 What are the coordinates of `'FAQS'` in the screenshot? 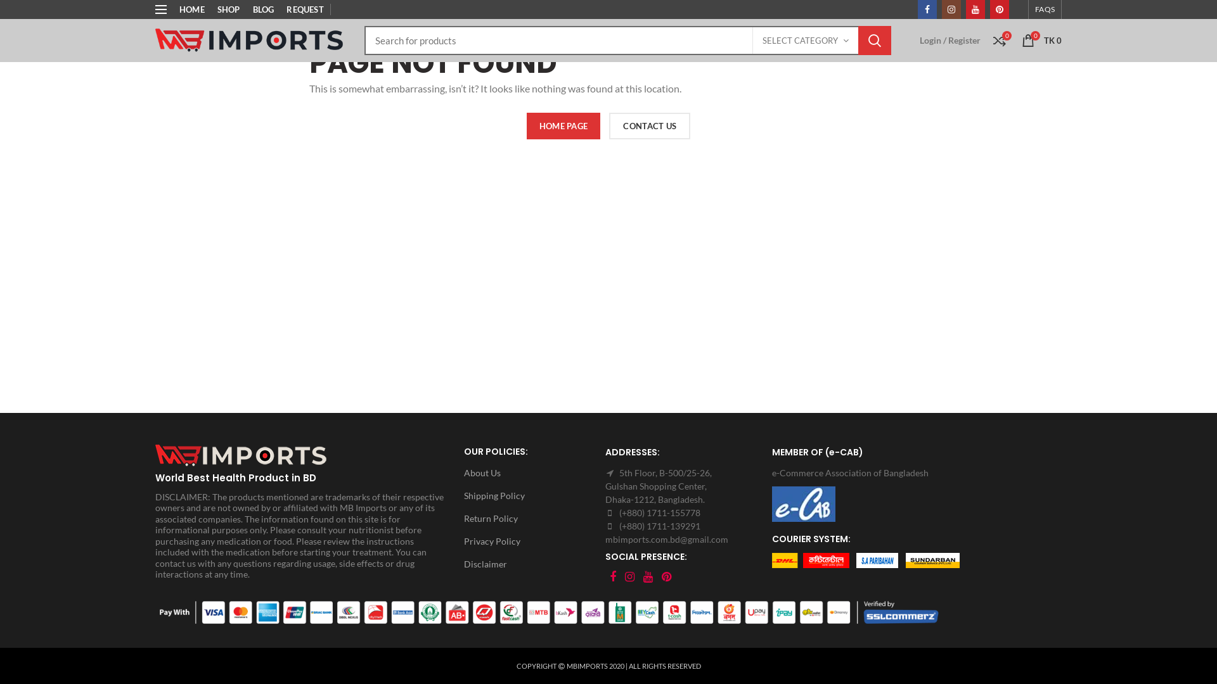 It's located at (1045, 9).